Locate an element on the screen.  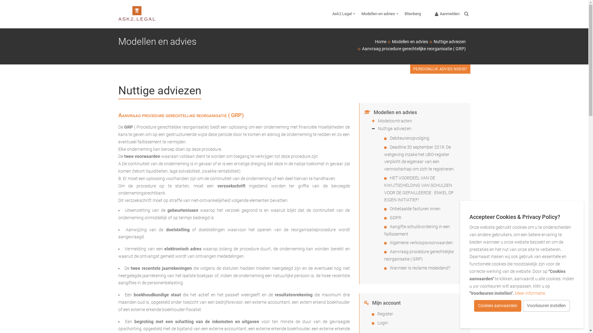
'Blienberg' is located at coordinates (413, 14).